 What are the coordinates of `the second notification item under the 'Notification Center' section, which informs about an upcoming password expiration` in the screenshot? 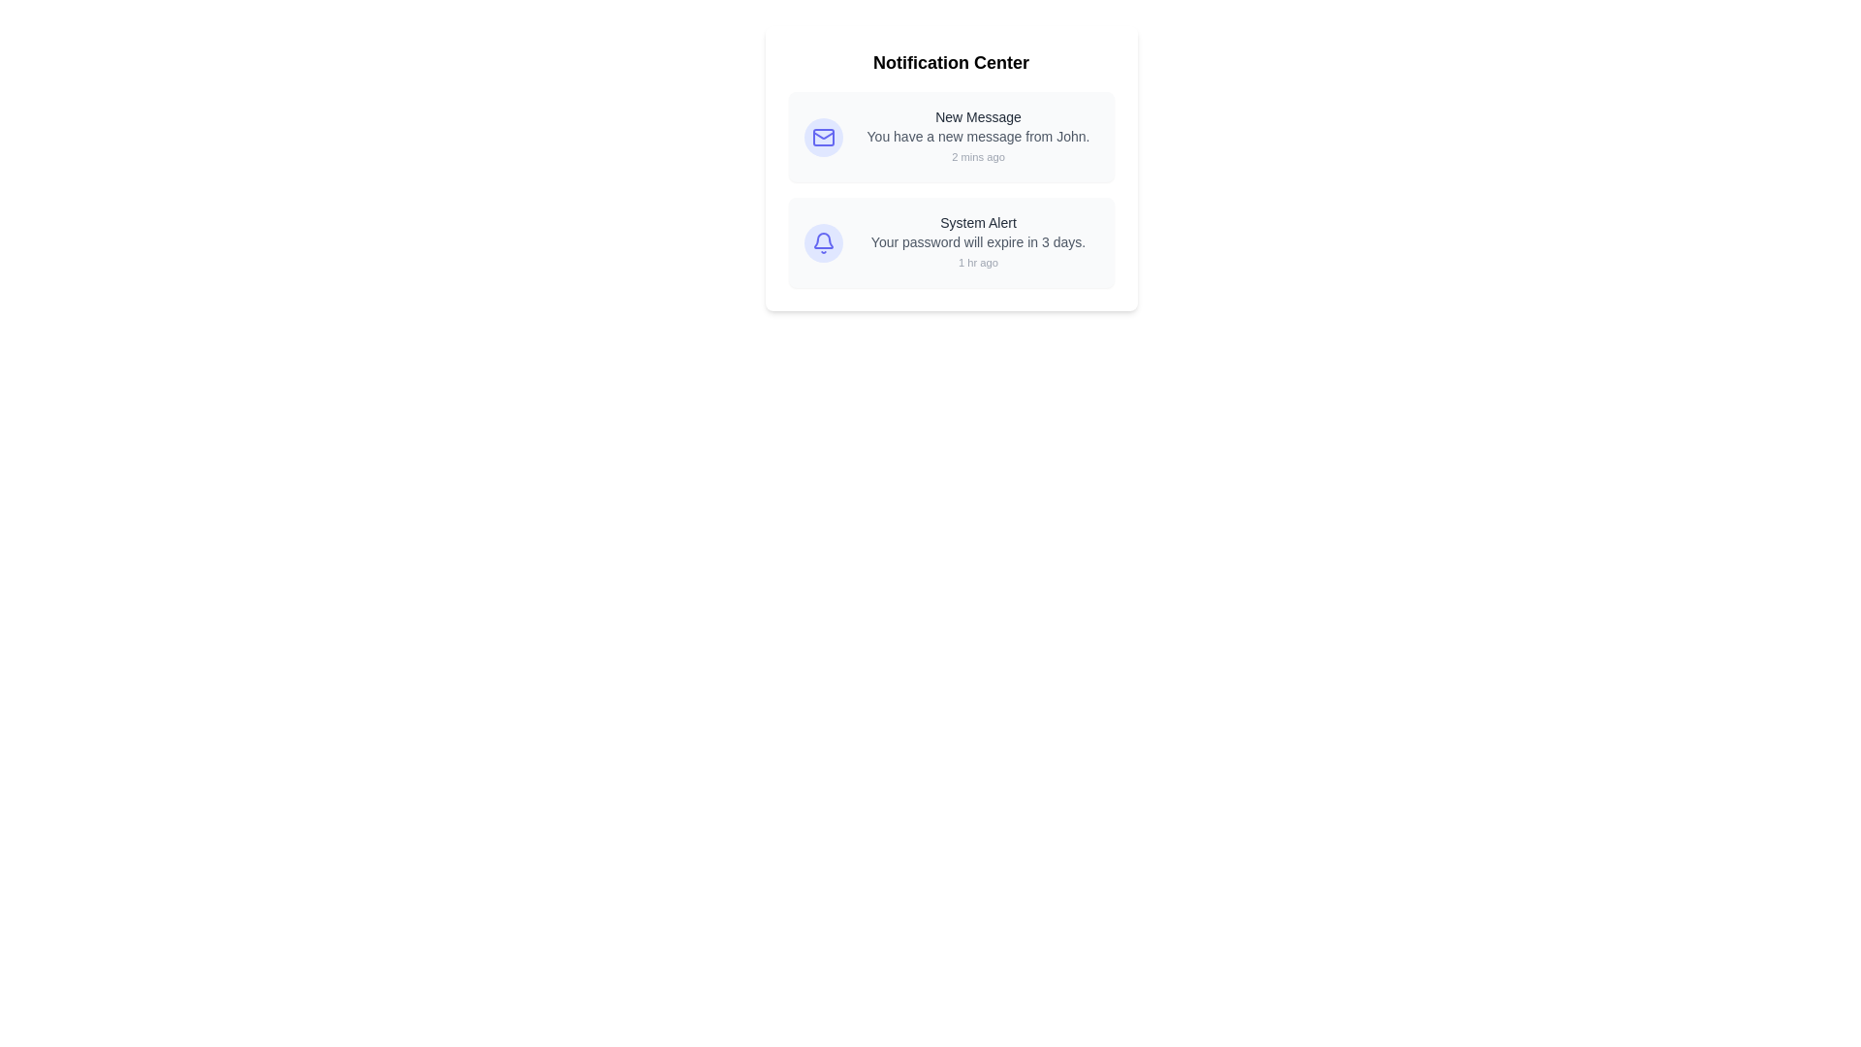 It's located at (978, 241).